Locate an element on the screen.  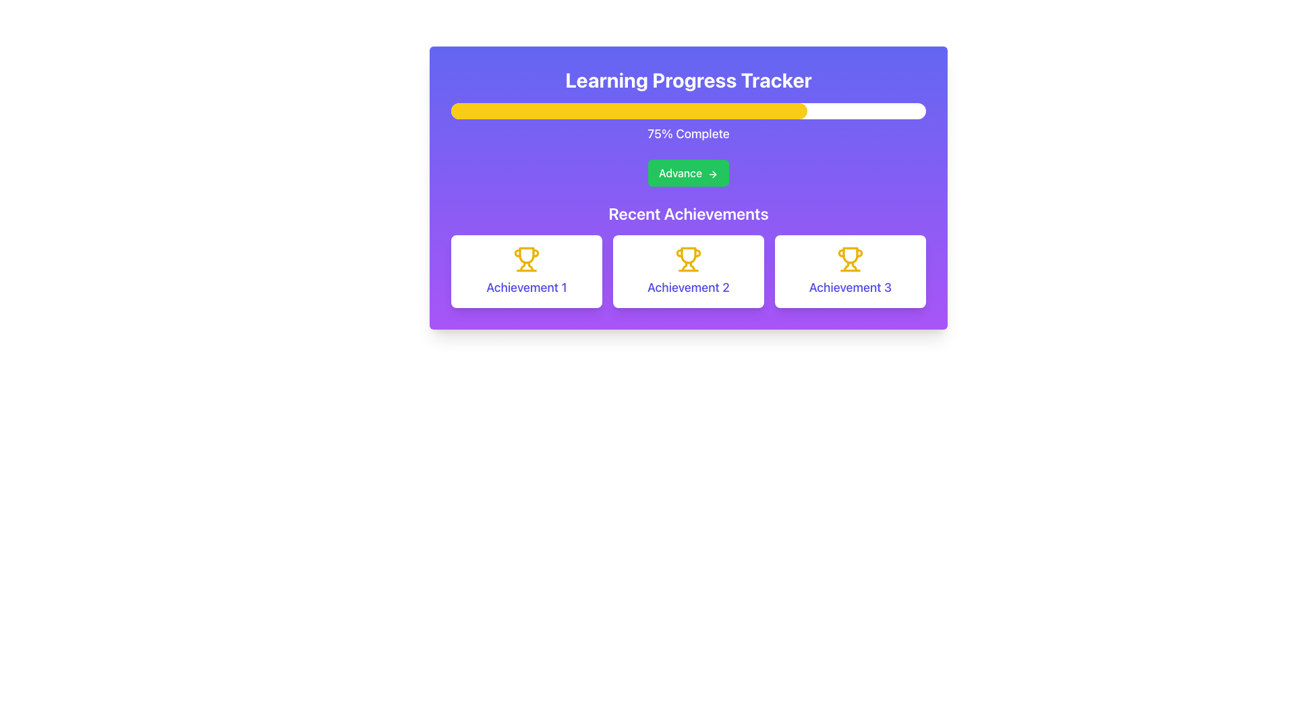
the Progress Bar with Text that indicates '75% Complete', located beneath the 'Learning Progress Tracker' heading and above the 'Advance' button is located at coordinates (689, 123).